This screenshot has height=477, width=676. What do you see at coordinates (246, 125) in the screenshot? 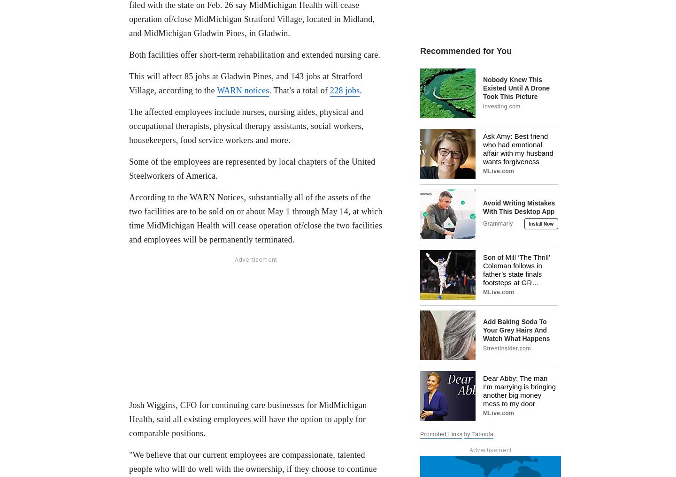
I see `'The affected employees include nurses, nursing aides, physical and occupational therapists, physical therapy assistants, social workers, housekeepers, food service workers and more.'` at bounding box center [246, 125].